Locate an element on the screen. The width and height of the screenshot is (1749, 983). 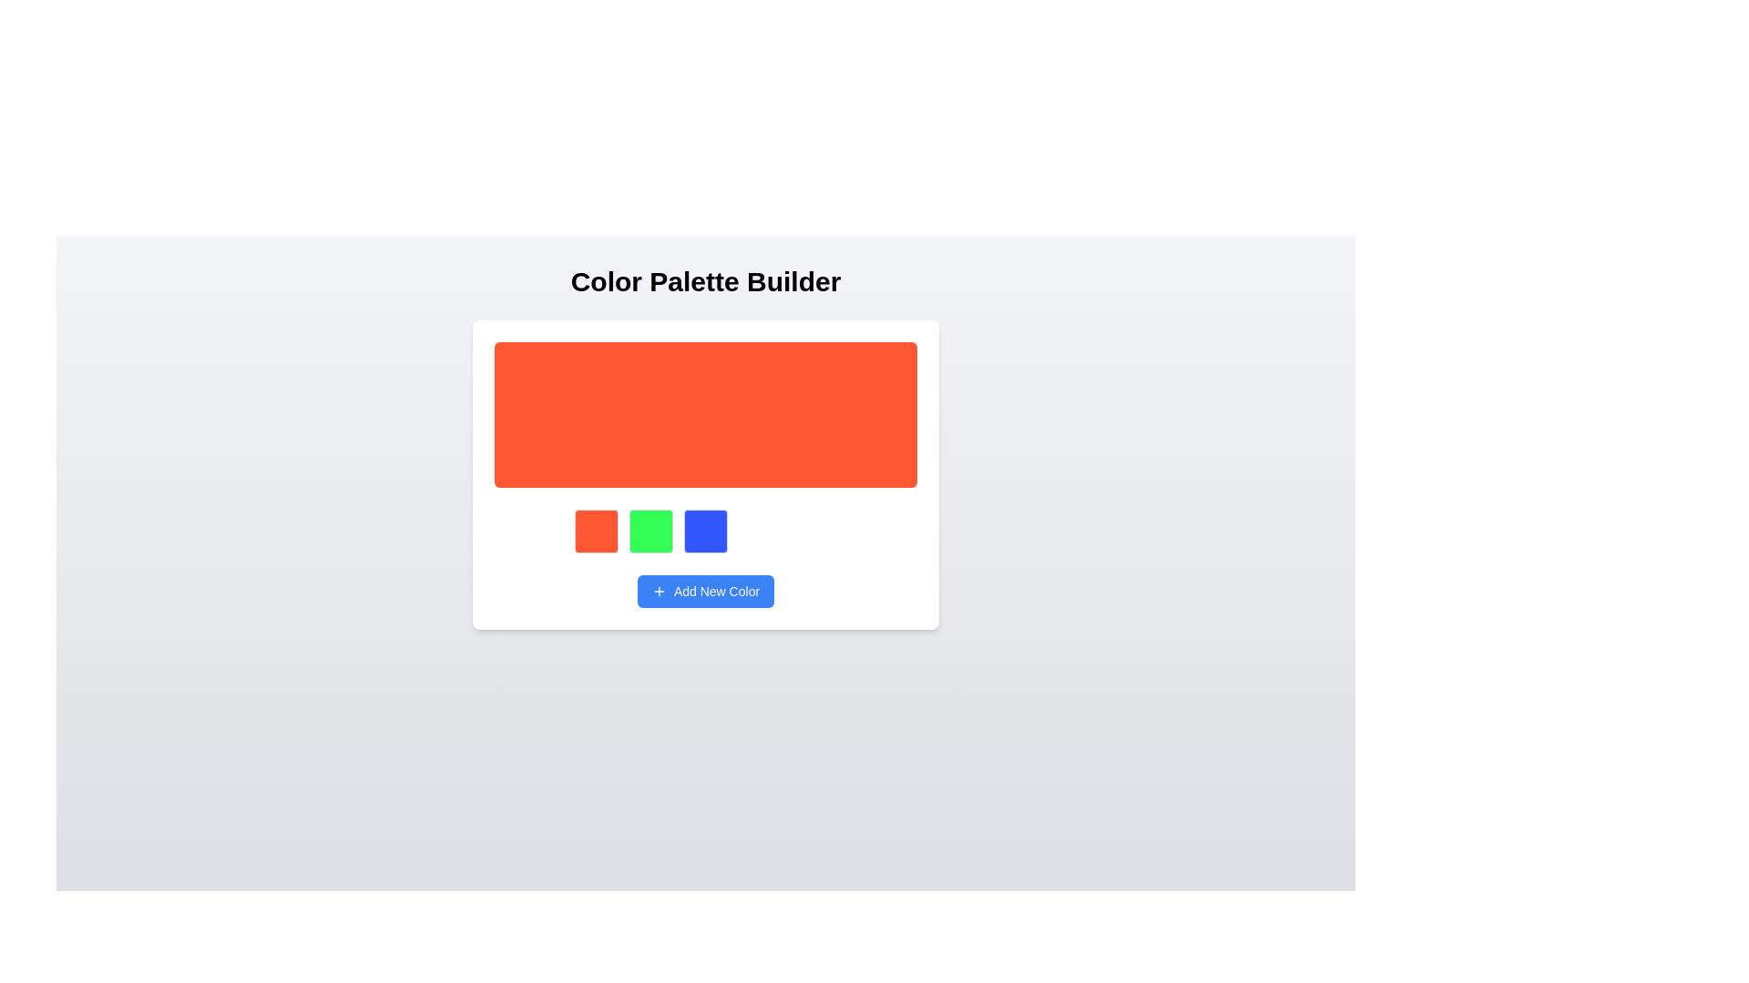
the third square button with a blue background and rounded corners is located at coordinates (704, 531).